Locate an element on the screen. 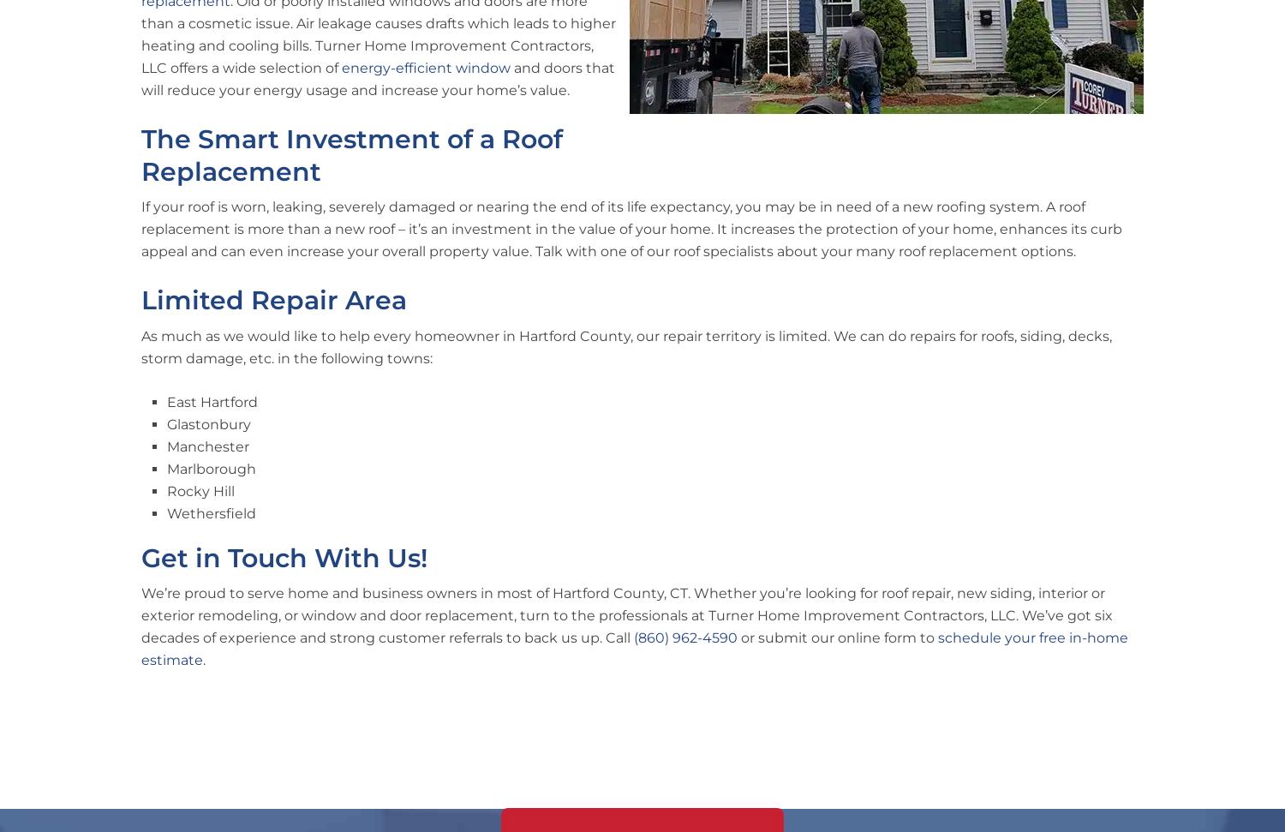  'and doors that will reduce your energy usage and increase your home’s value.' is located at coordinates (141, 78).